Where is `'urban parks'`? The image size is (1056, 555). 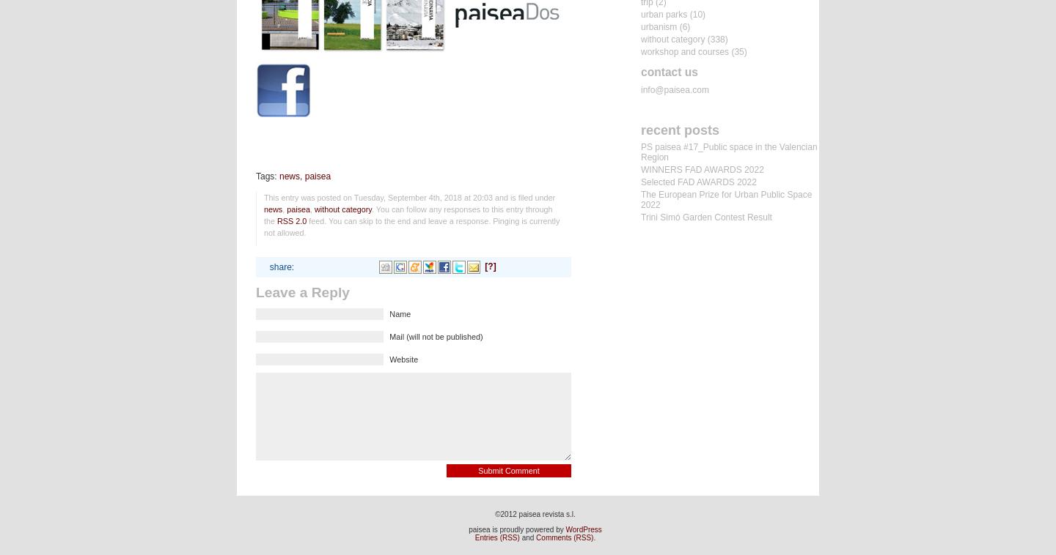 'urban parks' is located at coordinates (664, 14).